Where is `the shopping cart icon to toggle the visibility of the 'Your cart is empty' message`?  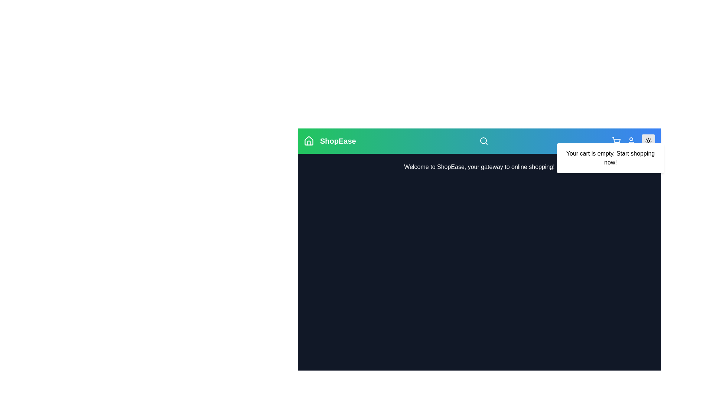 the shopping cart icon to toggle the visibility of the 'Your cart is empty' message is located at coordinates (616, 141).